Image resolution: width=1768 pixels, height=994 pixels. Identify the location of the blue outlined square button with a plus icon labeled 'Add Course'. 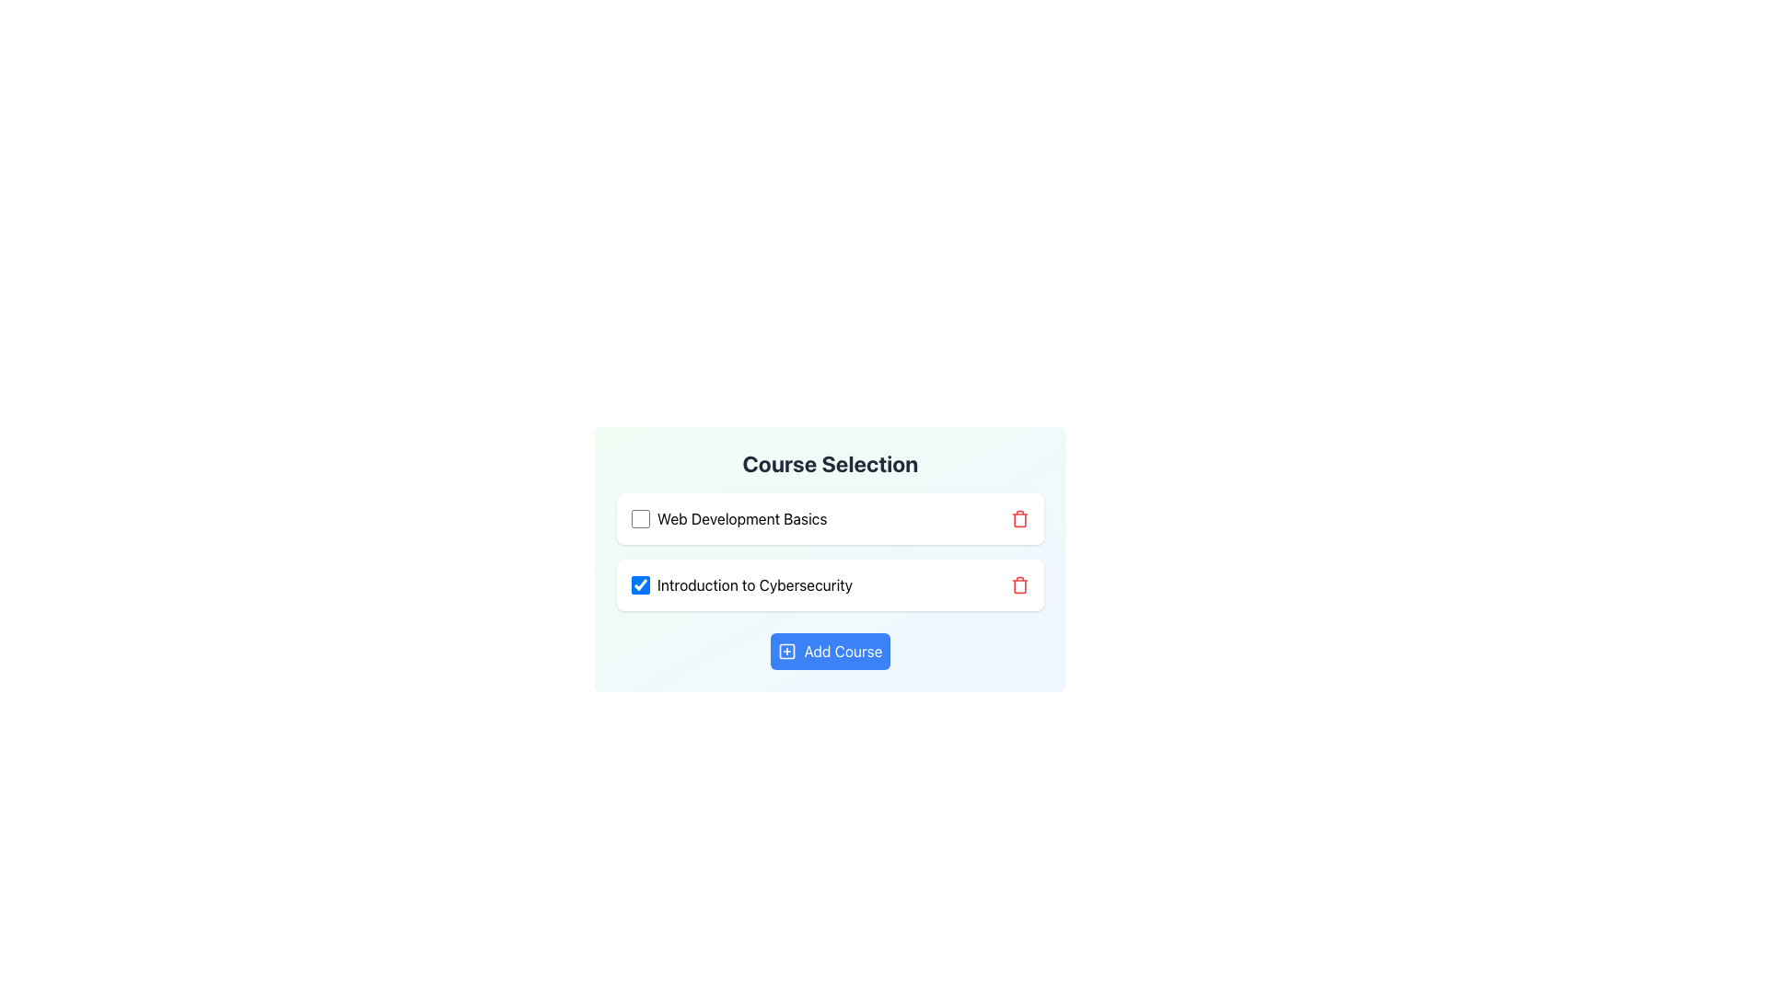
(787, 651).